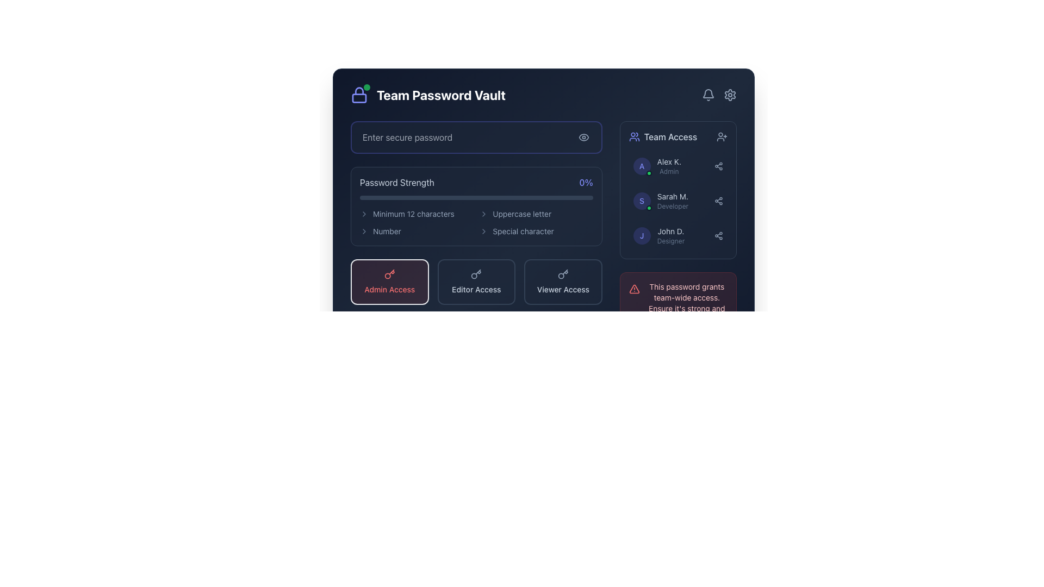  I want to click on the small key icon, which is styled in a simplified line art design and is positioned at the top center of the 'Viewer Access' button, the third button in a group of three at the bottom of the central panel, so click(563, 274).